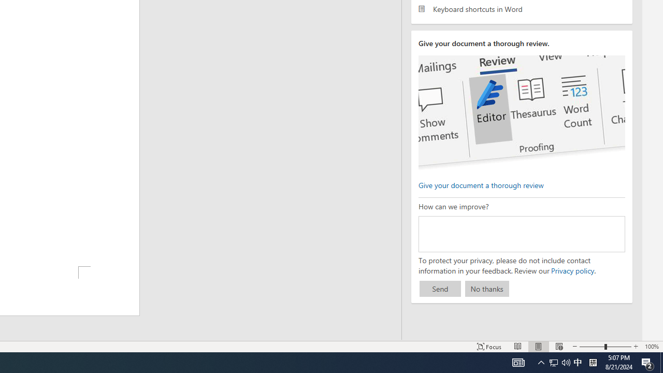 This screenshot has height=373, width=663. Describe the element at coordinates (440, 289) in the screenshot. I see `'Send'` at that location.